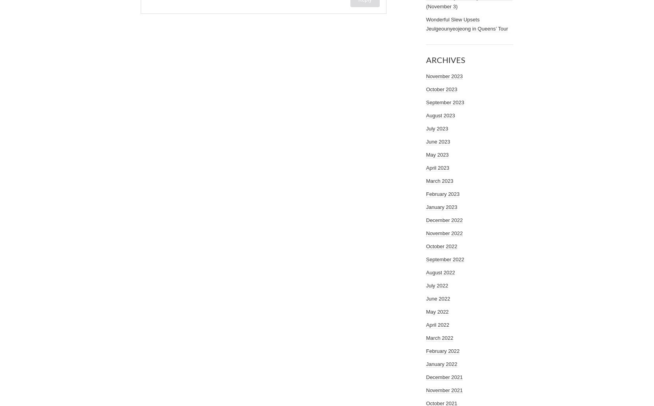 Image resolution: width=654 pixels, height=406 pixels. I want to click on 'January 2023', so click(442, 207).